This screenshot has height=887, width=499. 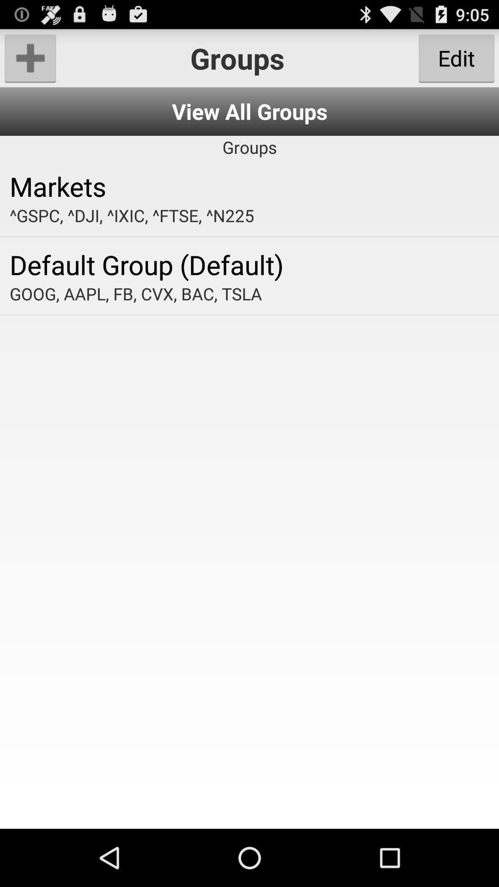 What do you see at coordinates (249, 264) in the screenshot?
I see `the default group (default) app` at bounding box center [249, 264].